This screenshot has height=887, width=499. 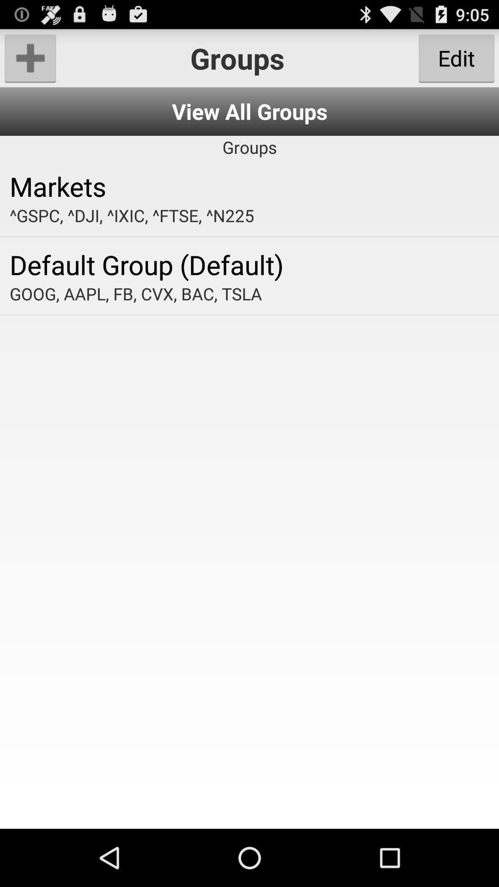 What do you see at coordinates (249, 264) in the screenshot?
I see `the default group (default) app` at bounding box center [249, 264].